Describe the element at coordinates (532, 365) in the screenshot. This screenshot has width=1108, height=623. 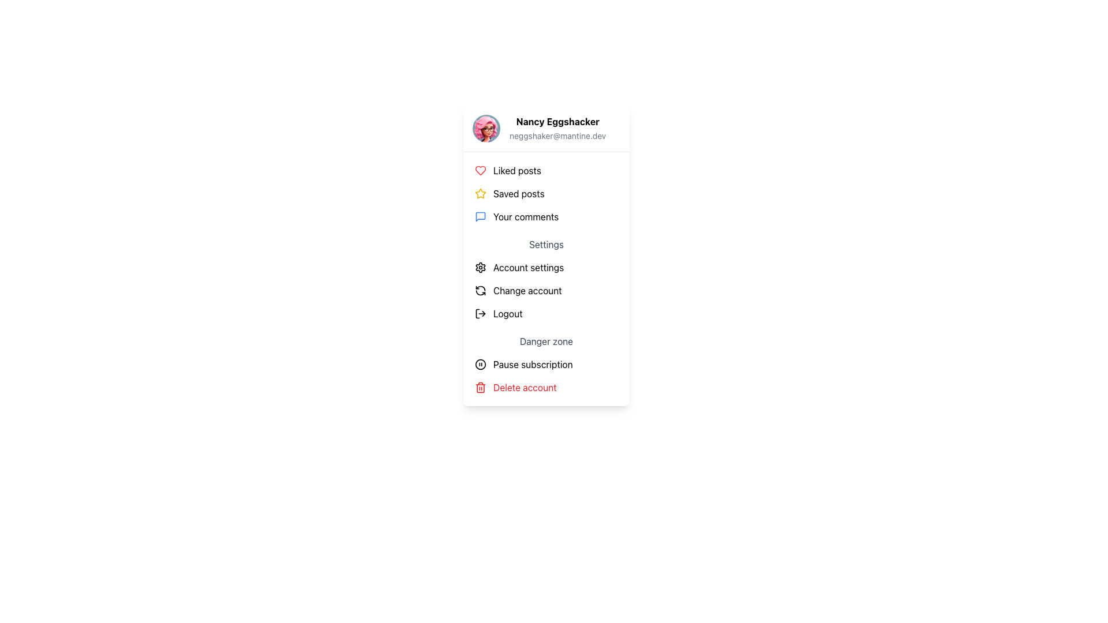
I see `the text label 'Pause subscription' in the danger zone section` at that location.